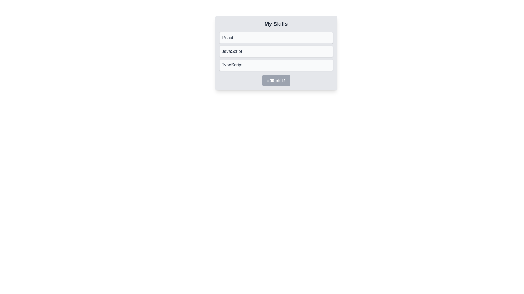  What do you see at coordinates (276, 65) in the screenshot?
I see `the informational display box labeled 'TypeScript', which is the third item in the list of skill labels under 'My Skills'` at bounding box center [276, 65].